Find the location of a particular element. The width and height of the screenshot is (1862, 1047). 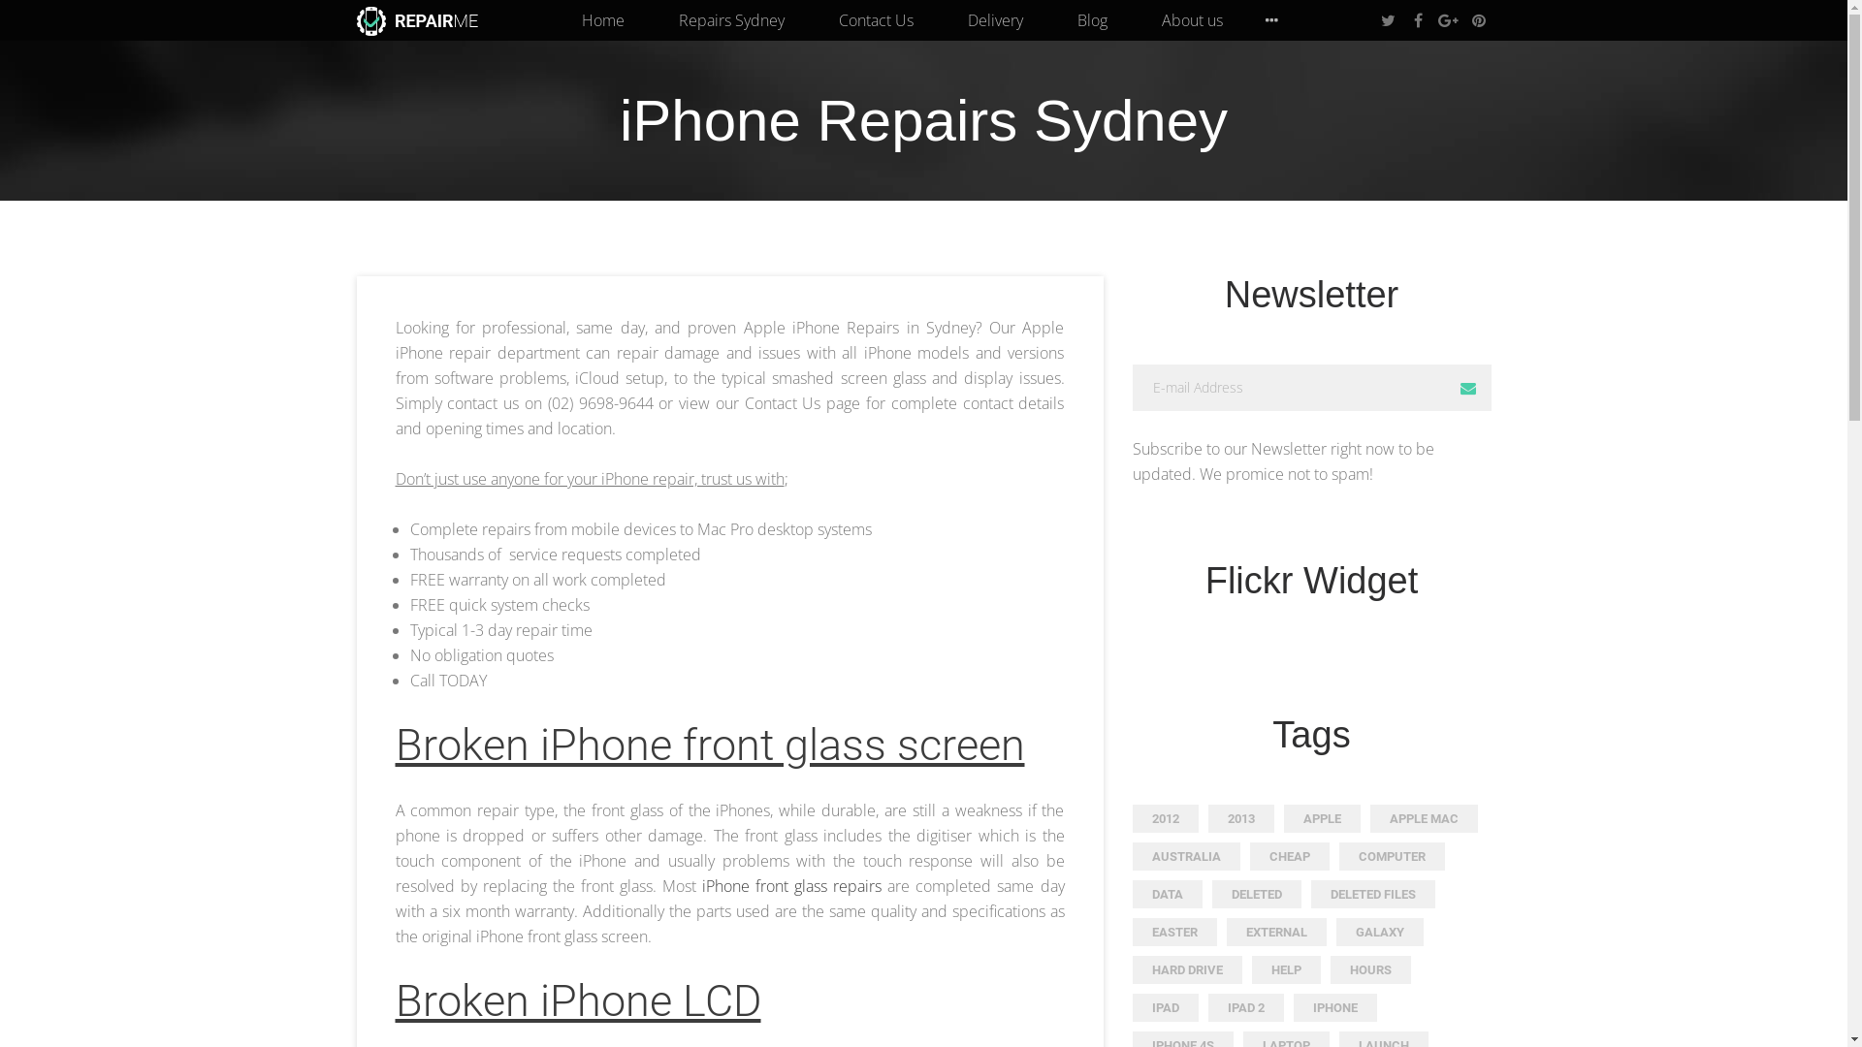

'AUSTRALIA' is located at coordinates (1185, 855).